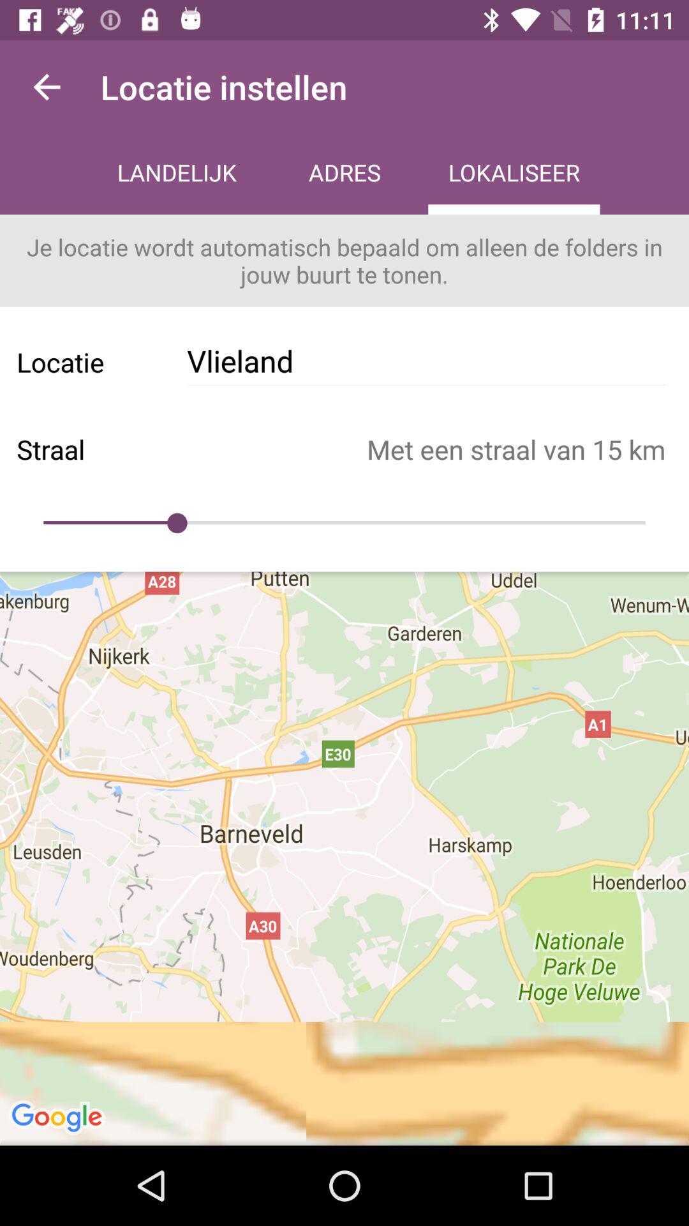 This screenshot has width=689, height=1226. I want to click on the lokaliseer item, so click(513, 174).